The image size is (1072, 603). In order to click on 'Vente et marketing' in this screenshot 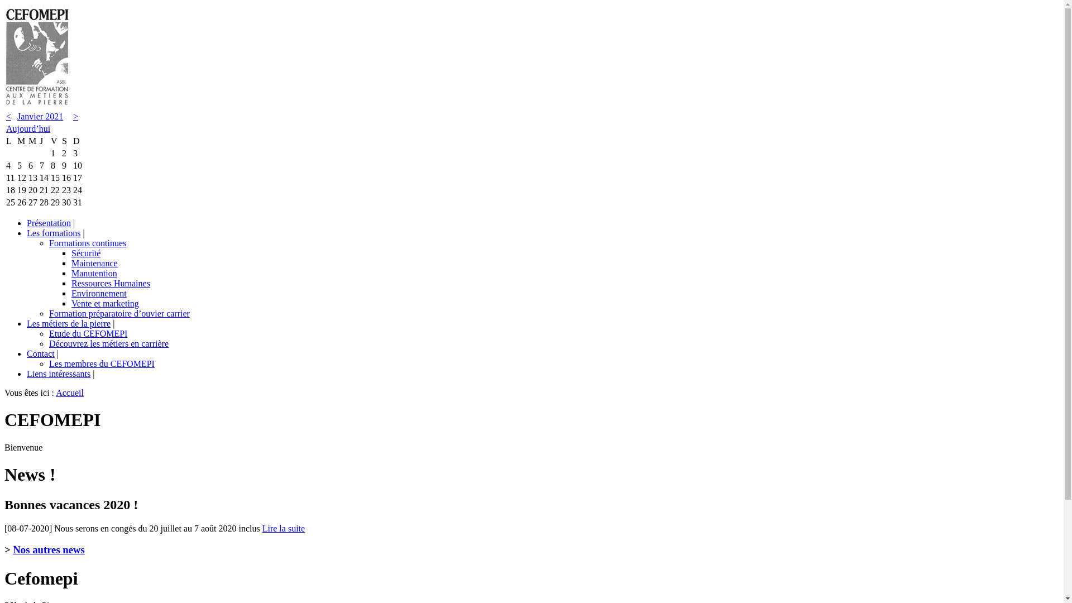, I will do `click(105, 303)`.